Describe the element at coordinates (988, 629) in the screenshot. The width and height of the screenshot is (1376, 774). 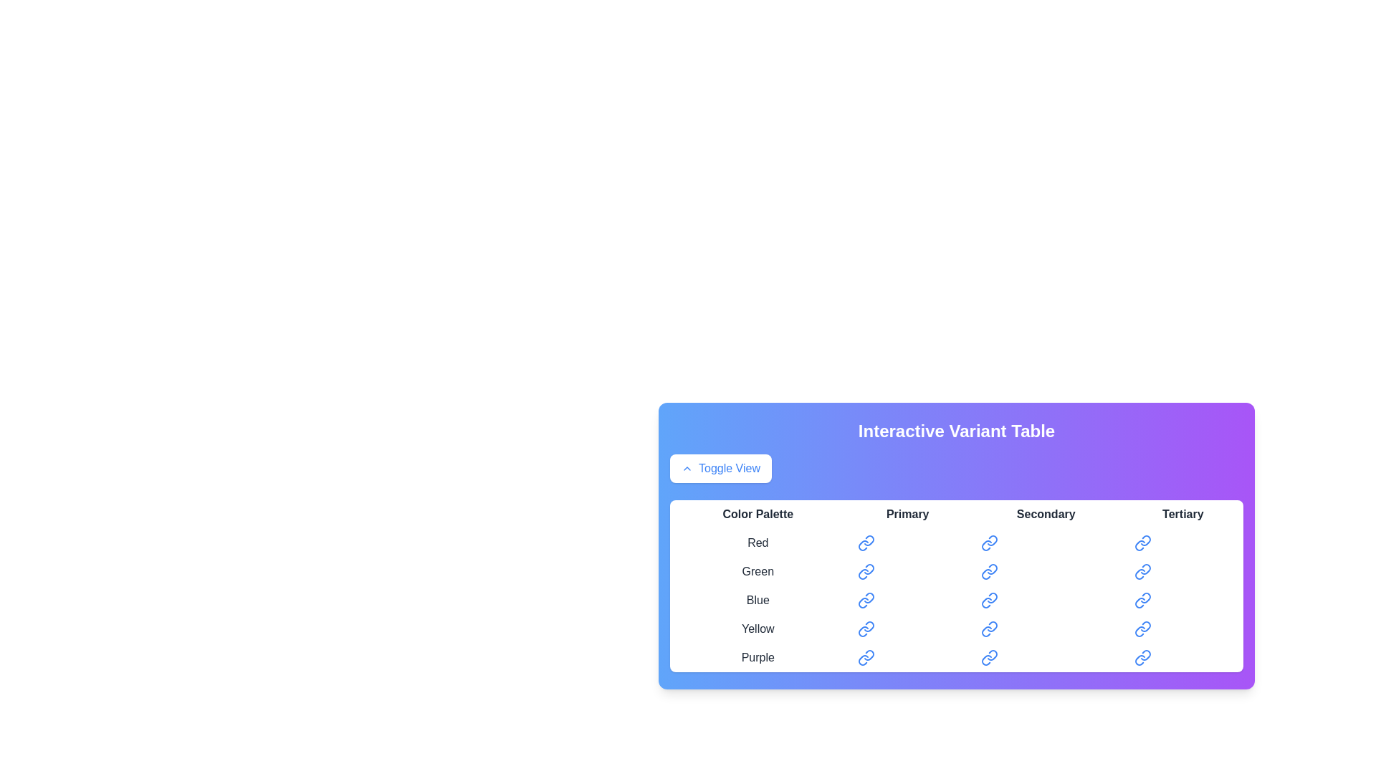
I see `the blue chain link icon located in the 'Secondary' column under the 'Yellow' row` at that location.